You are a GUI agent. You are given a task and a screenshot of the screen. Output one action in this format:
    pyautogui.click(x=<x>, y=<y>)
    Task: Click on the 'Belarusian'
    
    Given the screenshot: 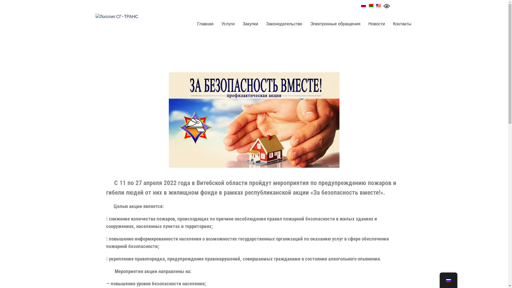 What is the action you would take?
    pyautogui.click(x=368, y=5)
    